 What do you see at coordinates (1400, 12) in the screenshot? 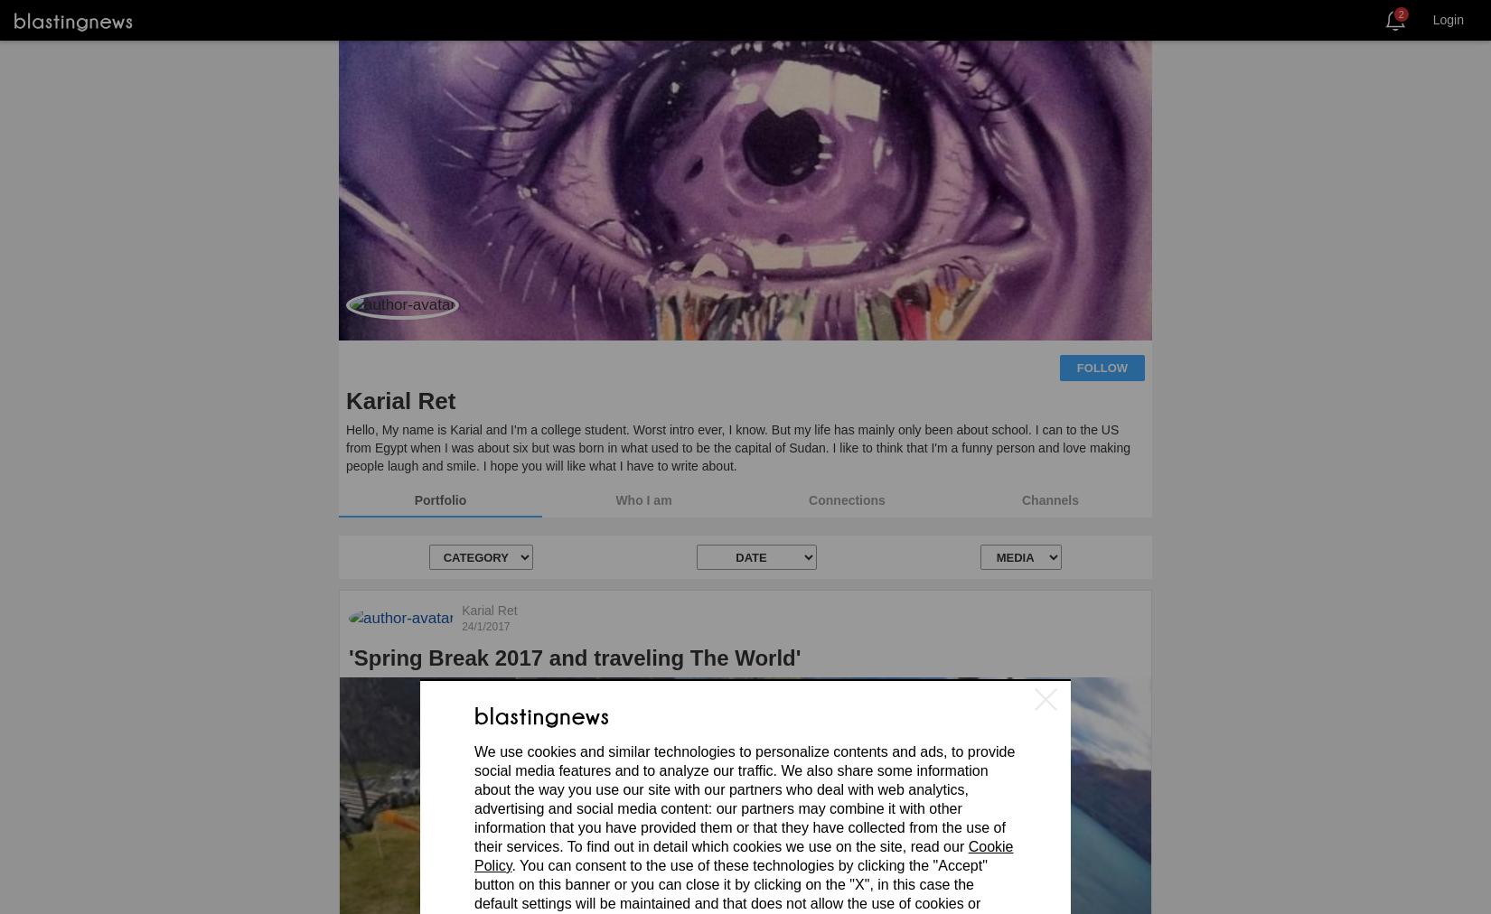
I see `'2'` at bounding box center [1400, 12].